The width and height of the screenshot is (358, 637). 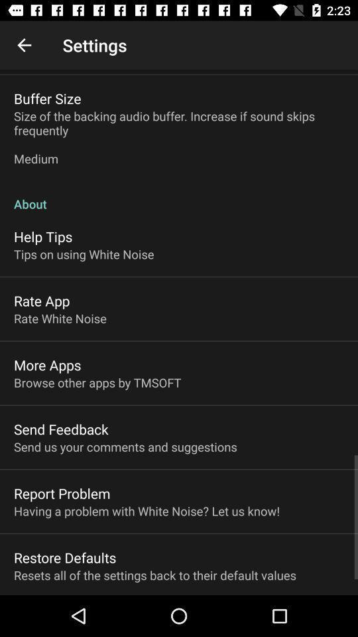 What do you see at coordinates (125, 447) in the screenshot?
I see `icon below the send feedback item` at bounding box center [125, 447].